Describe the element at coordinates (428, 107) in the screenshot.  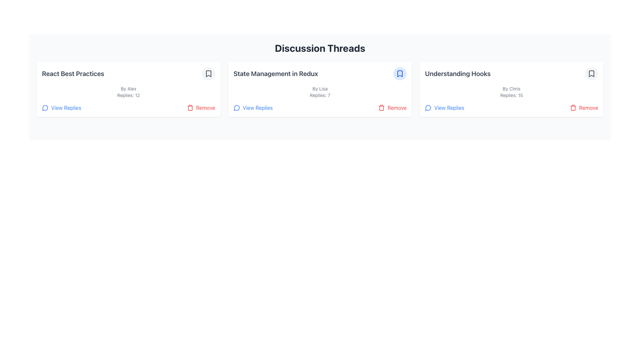
I see `the circular blue speech bubble icon representing the messaging feature located within the 'View Replies' button beneath the discussion card titled 'Understanding Hooks'` at that location.